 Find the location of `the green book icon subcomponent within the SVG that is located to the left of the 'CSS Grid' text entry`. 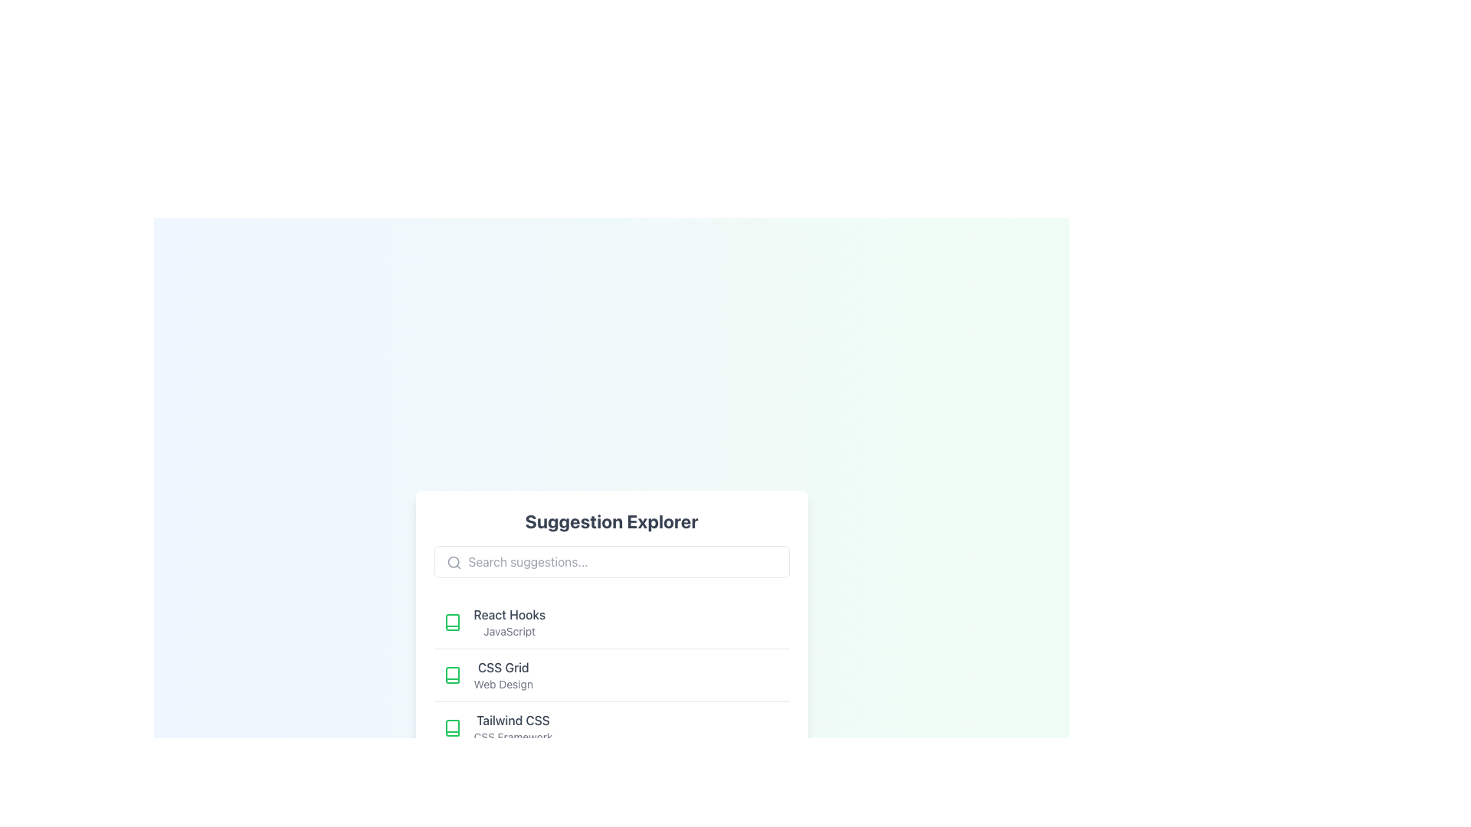

the green book icon subcomponent within the SVG that is located to the left of the 'CSS Grid' text entry is located at coordinates (451, 675).